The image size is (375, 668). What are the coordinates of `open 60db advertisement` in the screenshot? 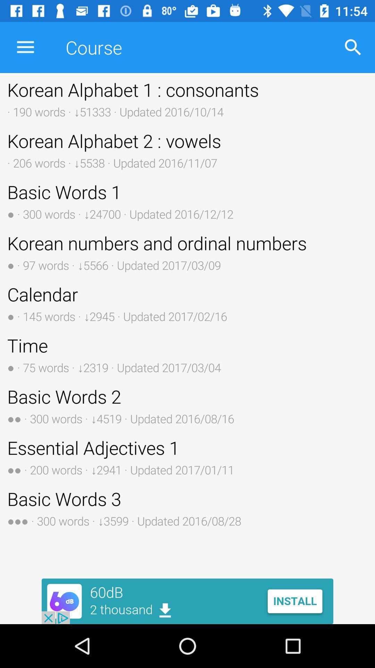 It's located at (187, 601).